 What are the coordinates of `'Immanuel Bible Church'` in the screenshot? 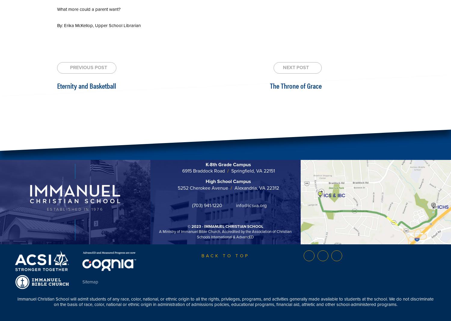 It's located at (201, 231).